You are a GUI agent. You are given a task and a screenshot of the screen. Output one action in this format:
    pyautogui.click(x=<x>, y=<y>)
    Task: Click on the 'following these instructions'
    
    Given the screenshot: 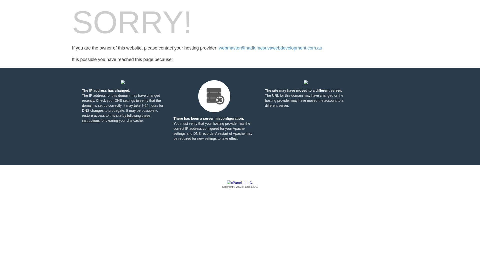 What is the action you would take?
    pyautogui.click(x=116, y=118)
    